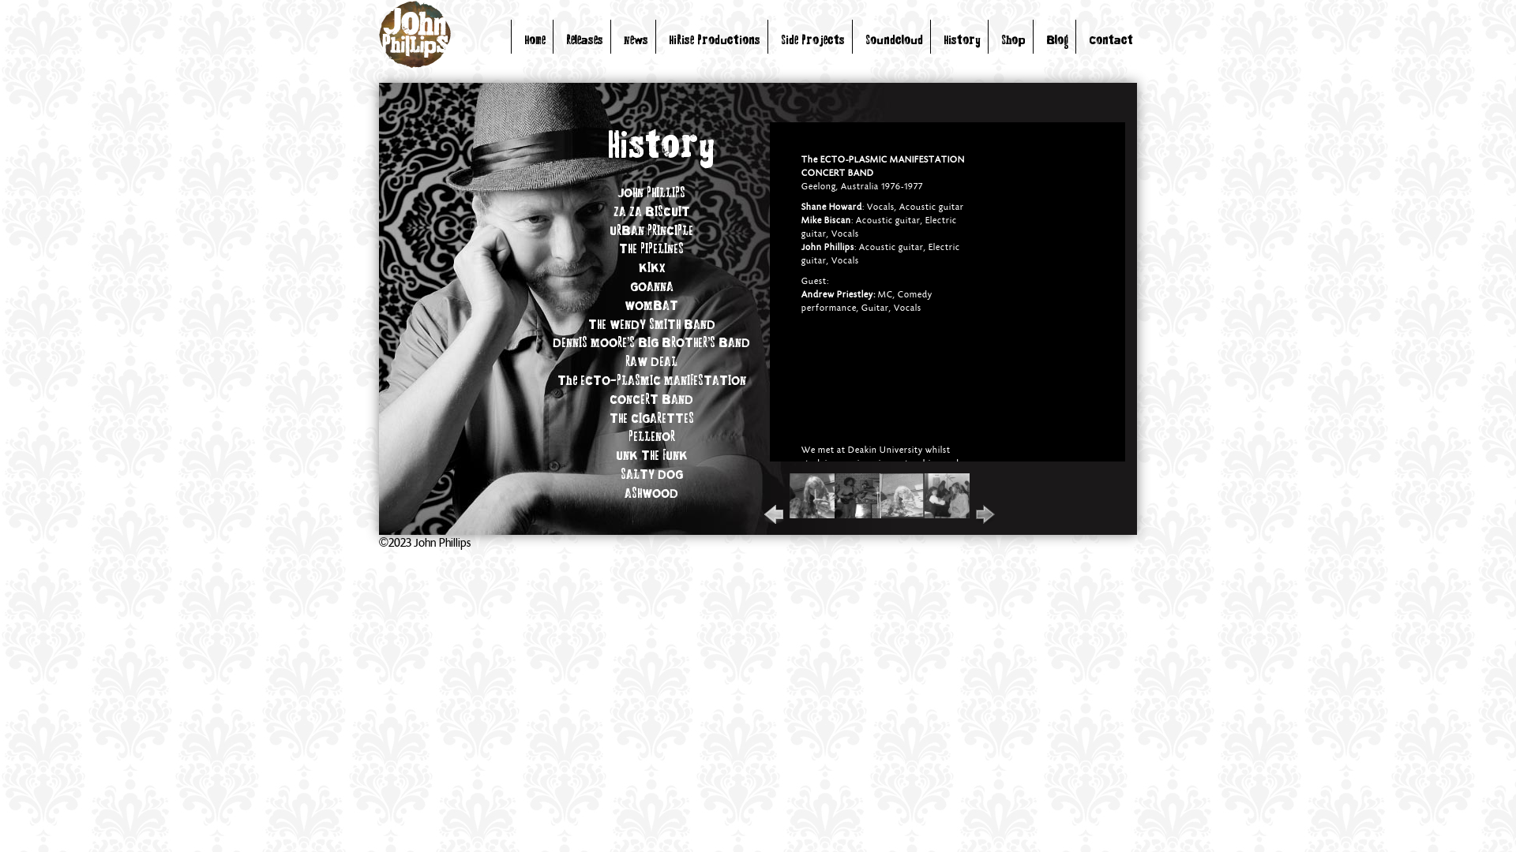 The height and width of the screenshot is (852, 1516). Describe the element at coordinates (636, 40) in the screenshot. I see `'News'` at that location.